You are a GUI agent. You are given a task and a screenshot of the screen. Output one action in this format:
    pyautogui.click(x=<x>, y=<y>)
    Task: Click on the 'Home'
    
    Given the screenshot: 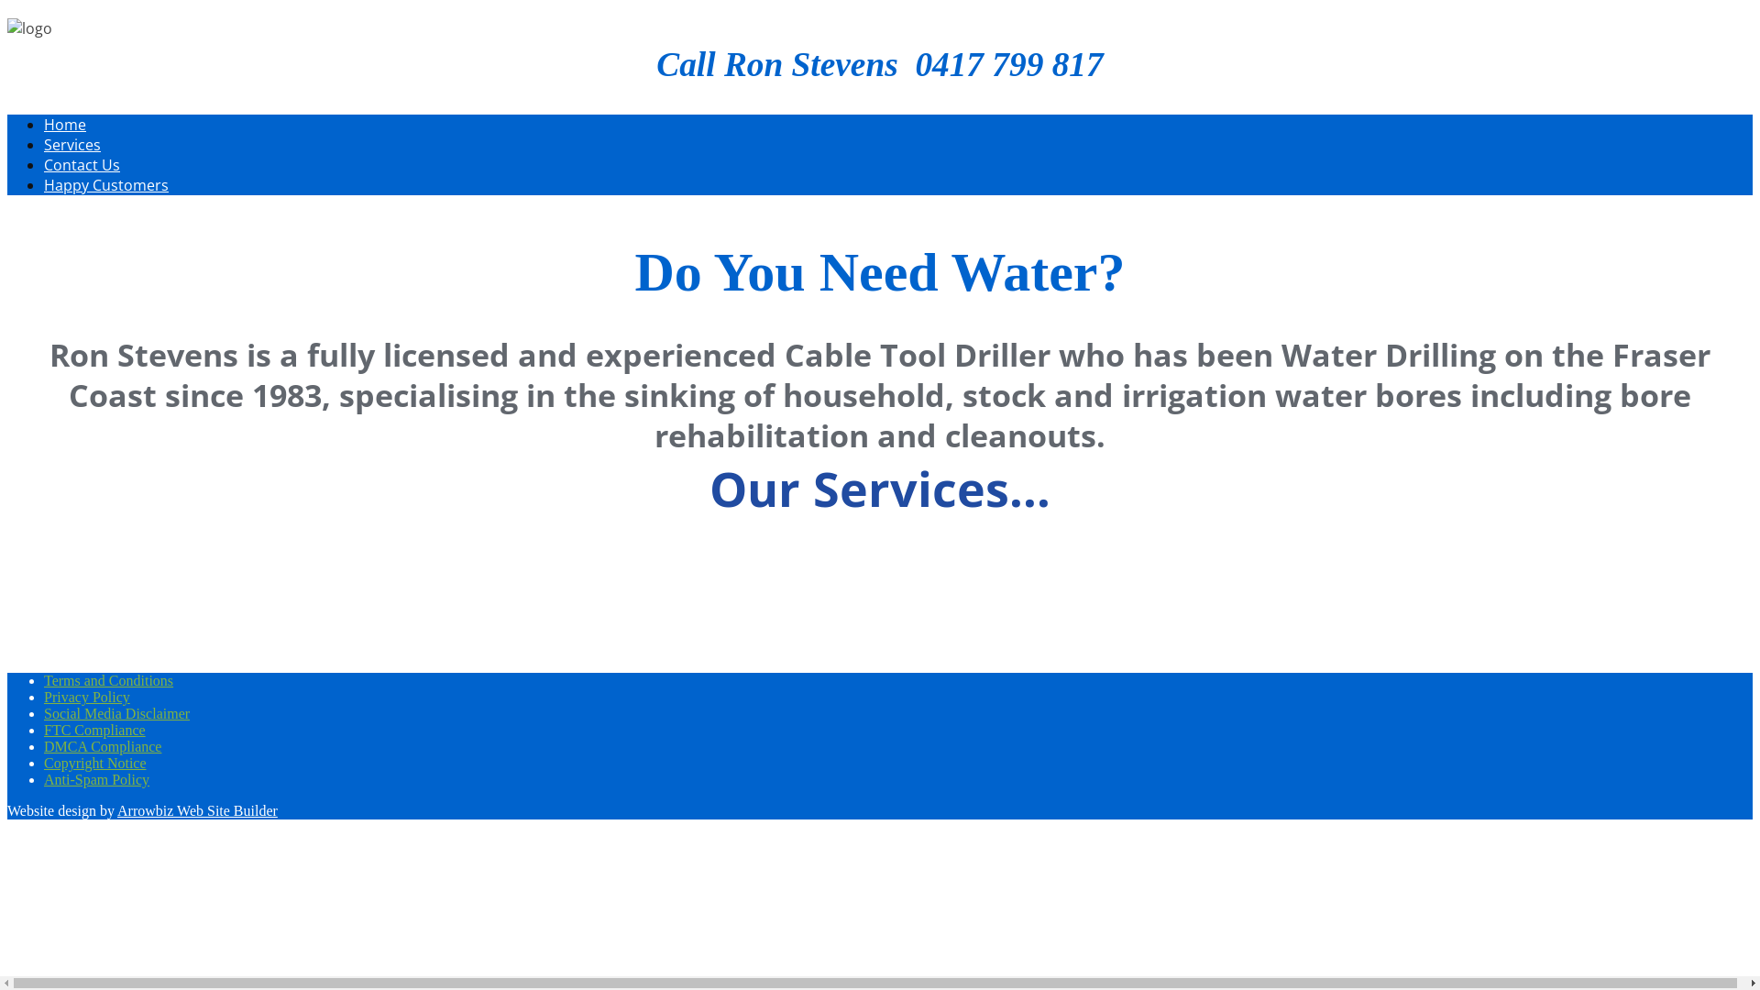 What is the action you would take?
    pyautogui.click(x=44, y=124)
    